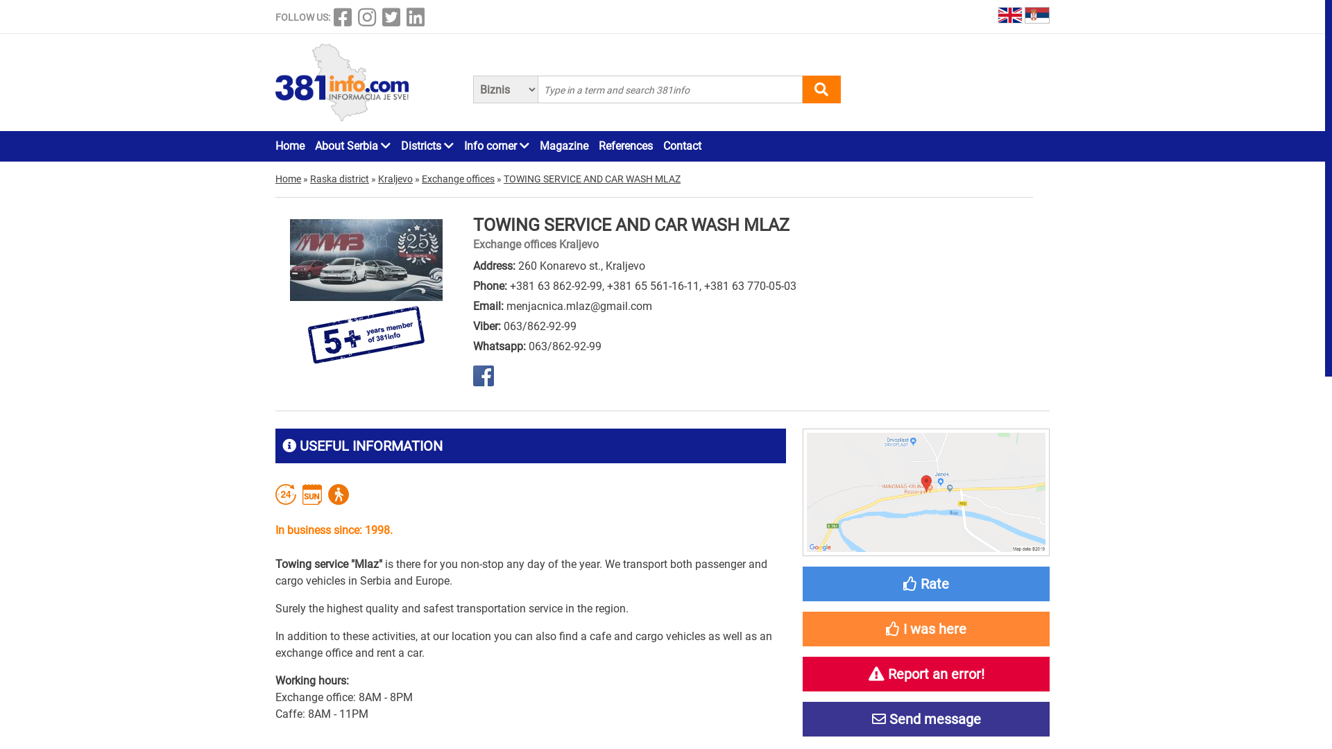  What do you see at coordinates (426, 146) in the screenshot?
I see `'Districts'` at bounding box center [426, 146].